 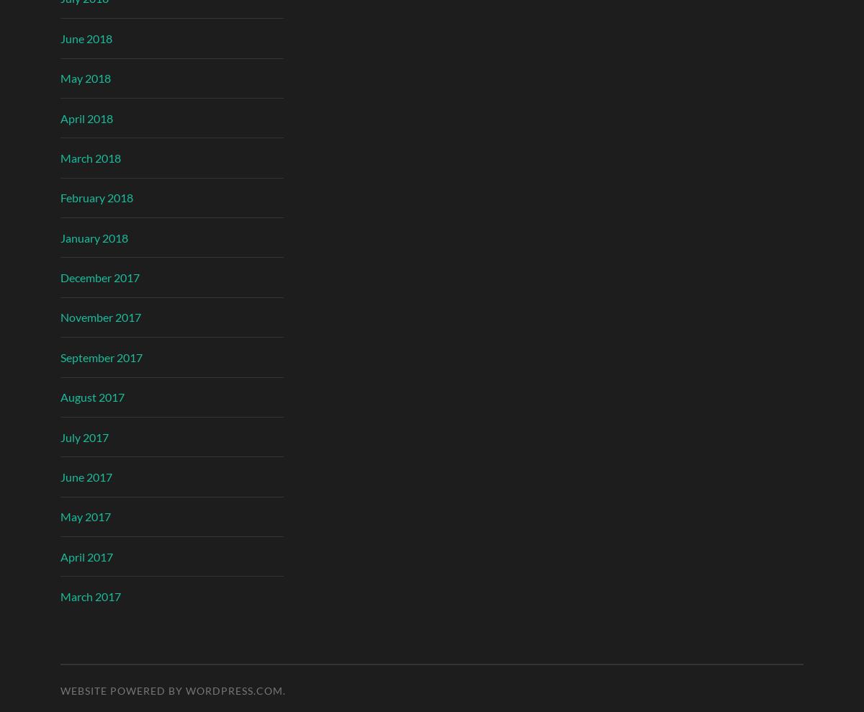 I want to click on 'August 2017', so click(x=92, y=396).